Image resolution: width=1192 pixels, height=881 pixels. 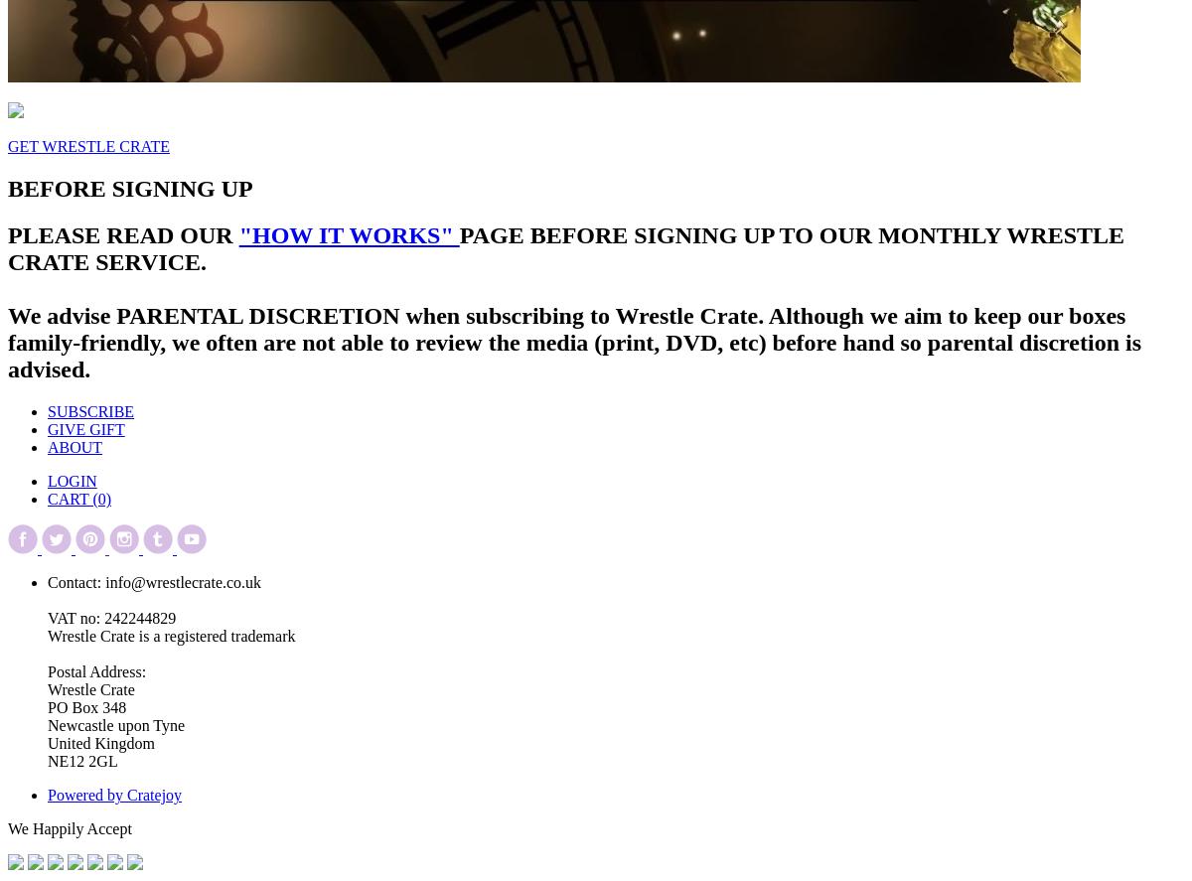 What do you see at coordinates (170, 636) in the screenshot?
I see `'Wrestle Crate is a registered trademark'` at bounding box center [170, 636].